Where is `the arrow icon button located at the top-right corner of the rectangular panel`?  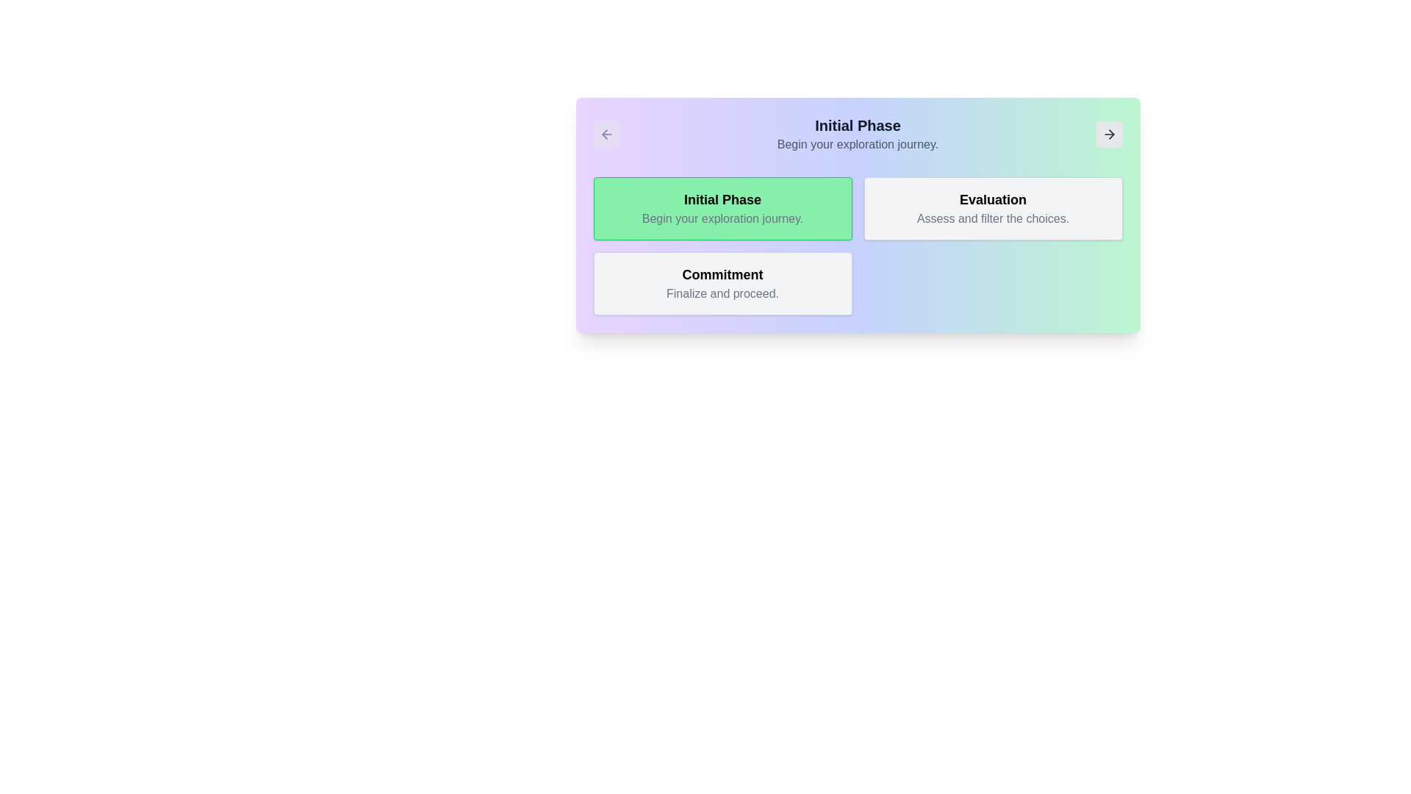
the arrow icon button located at the top-right corner of the rectangular panel is located at coordinates (1109, 134).